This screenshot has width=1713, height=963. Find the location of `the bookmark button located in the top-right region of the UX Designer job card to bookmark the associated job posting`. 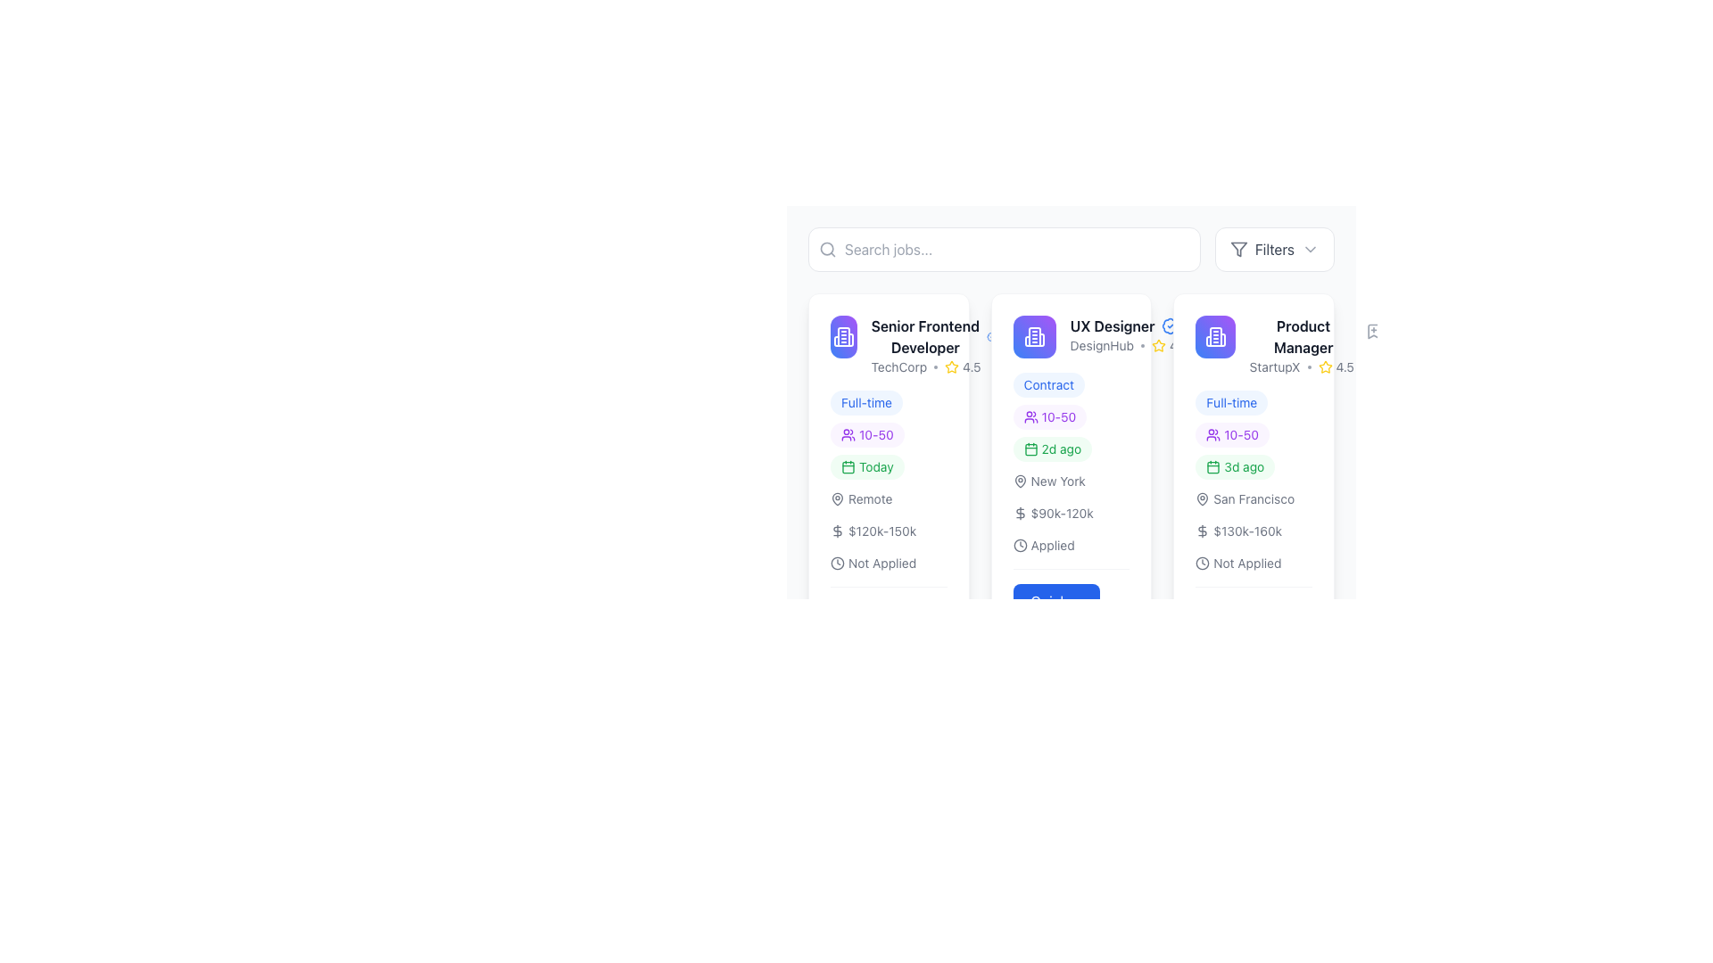

the bookmark button located in the top-right region of the UX Designer job card to bookmark the associated job posting is located at coordinates (1014, 331).